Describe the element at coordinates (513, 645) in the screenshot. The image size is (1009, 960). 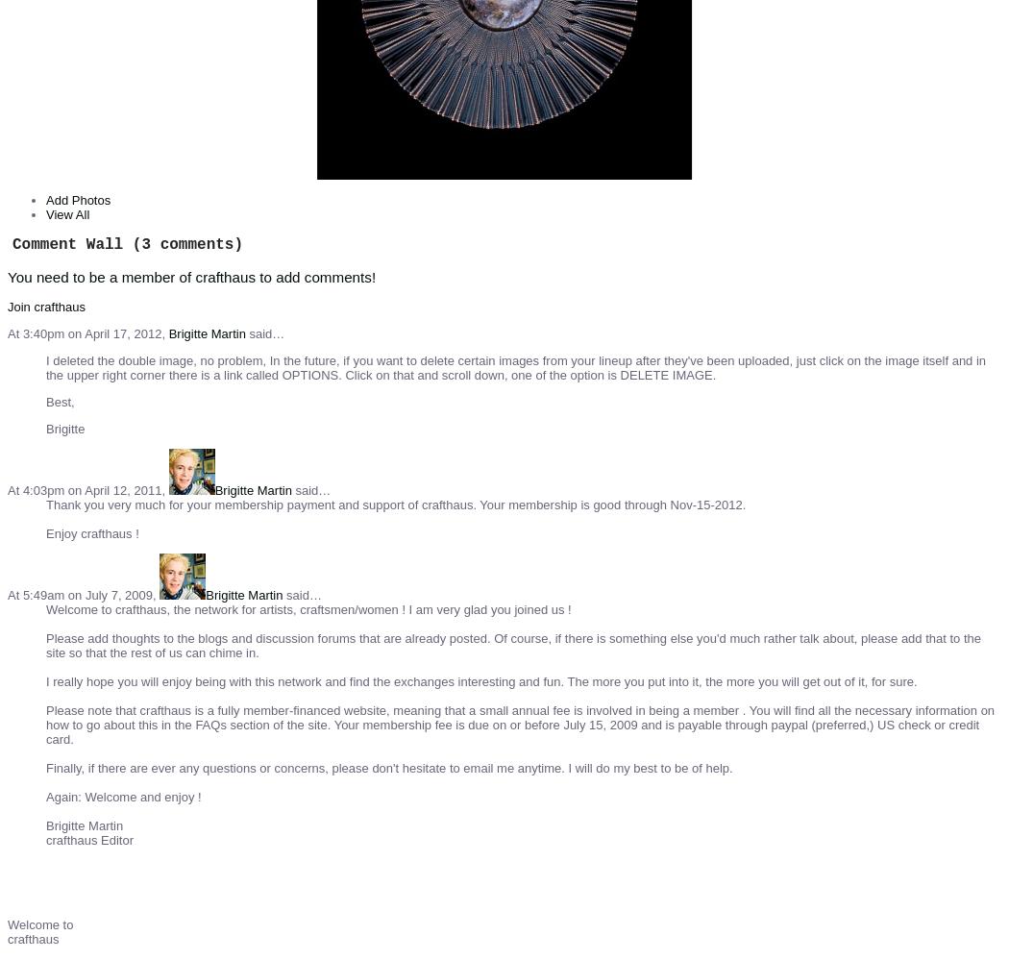
I see `'Please add thoughts to the blogs and discussion forums that are already posted. Of course, if there is something else you'd much rather talk about, please add that to the site so that the rest of us can chime in.'` at that location.